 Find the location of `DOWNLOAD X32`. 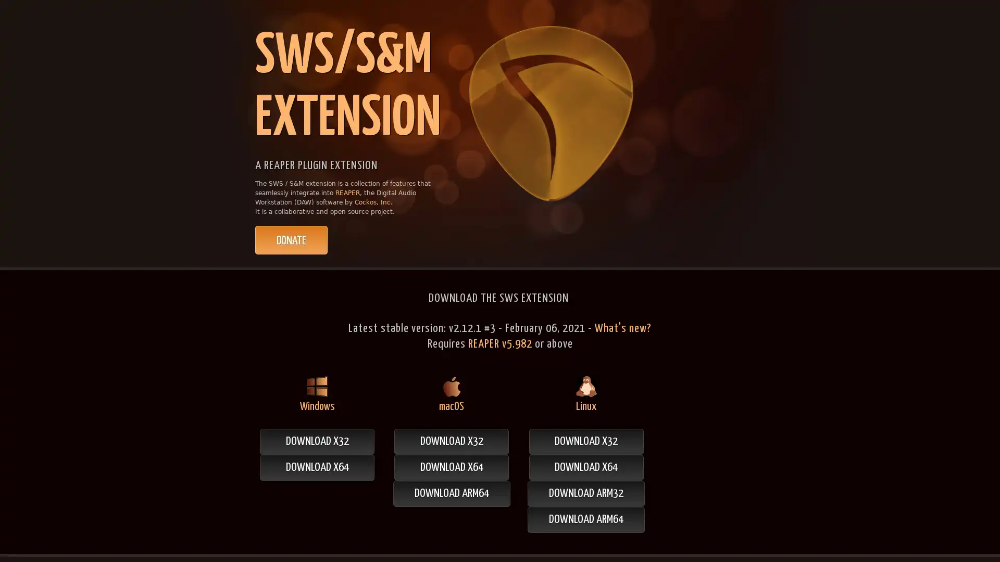

DOWNLOAD X32 is located at coordinates (332, 441).